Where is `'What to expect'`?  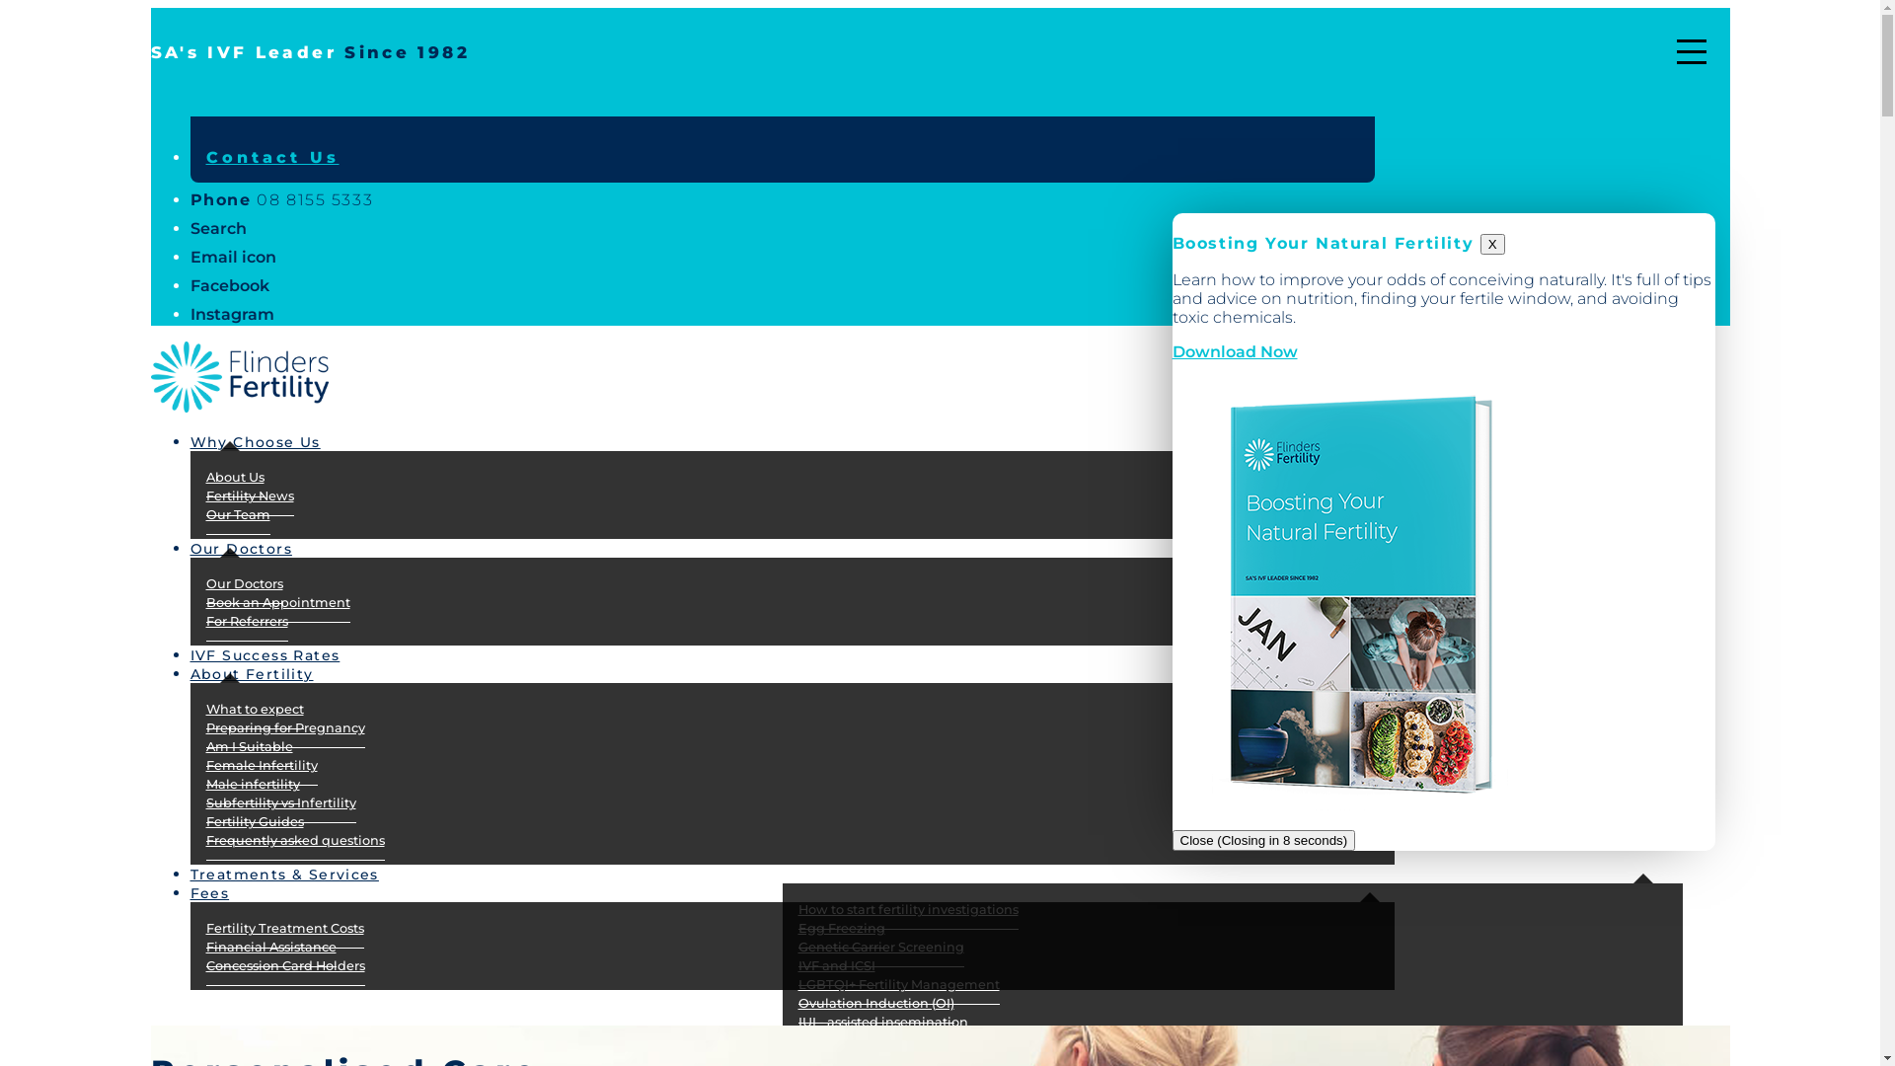
'What to expect' is located at coordinates (253, 708).